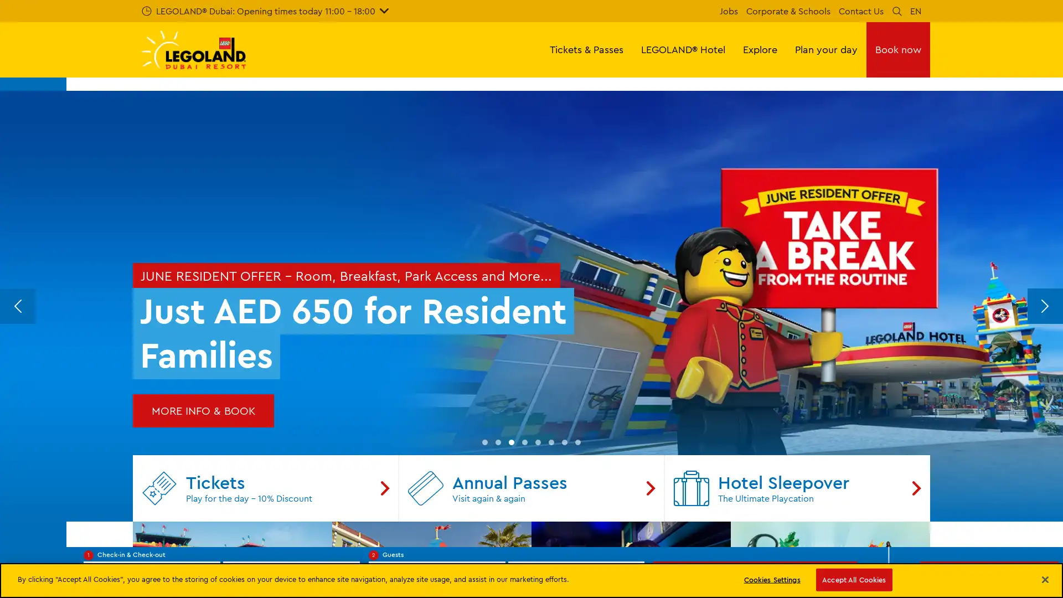  What do you see at coordinates (771, 579) in the screenshot?
I see `Cookies Settings` at bounding box center [771, 579].